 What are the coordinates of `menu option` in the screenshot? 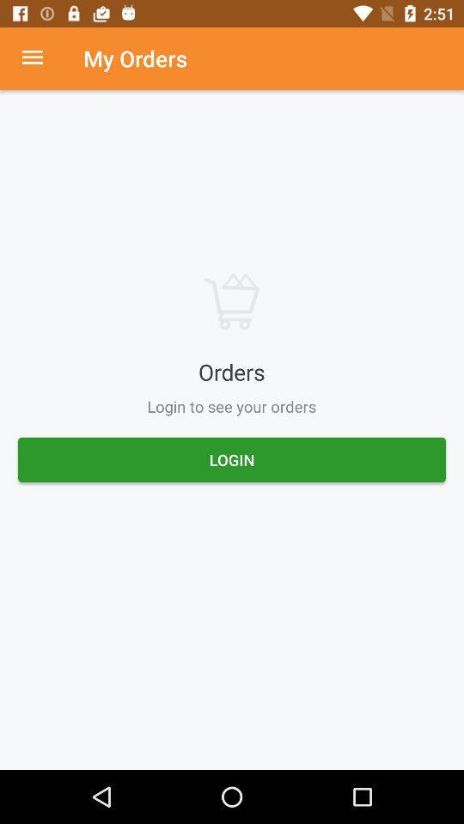 It's located at (41, 58).